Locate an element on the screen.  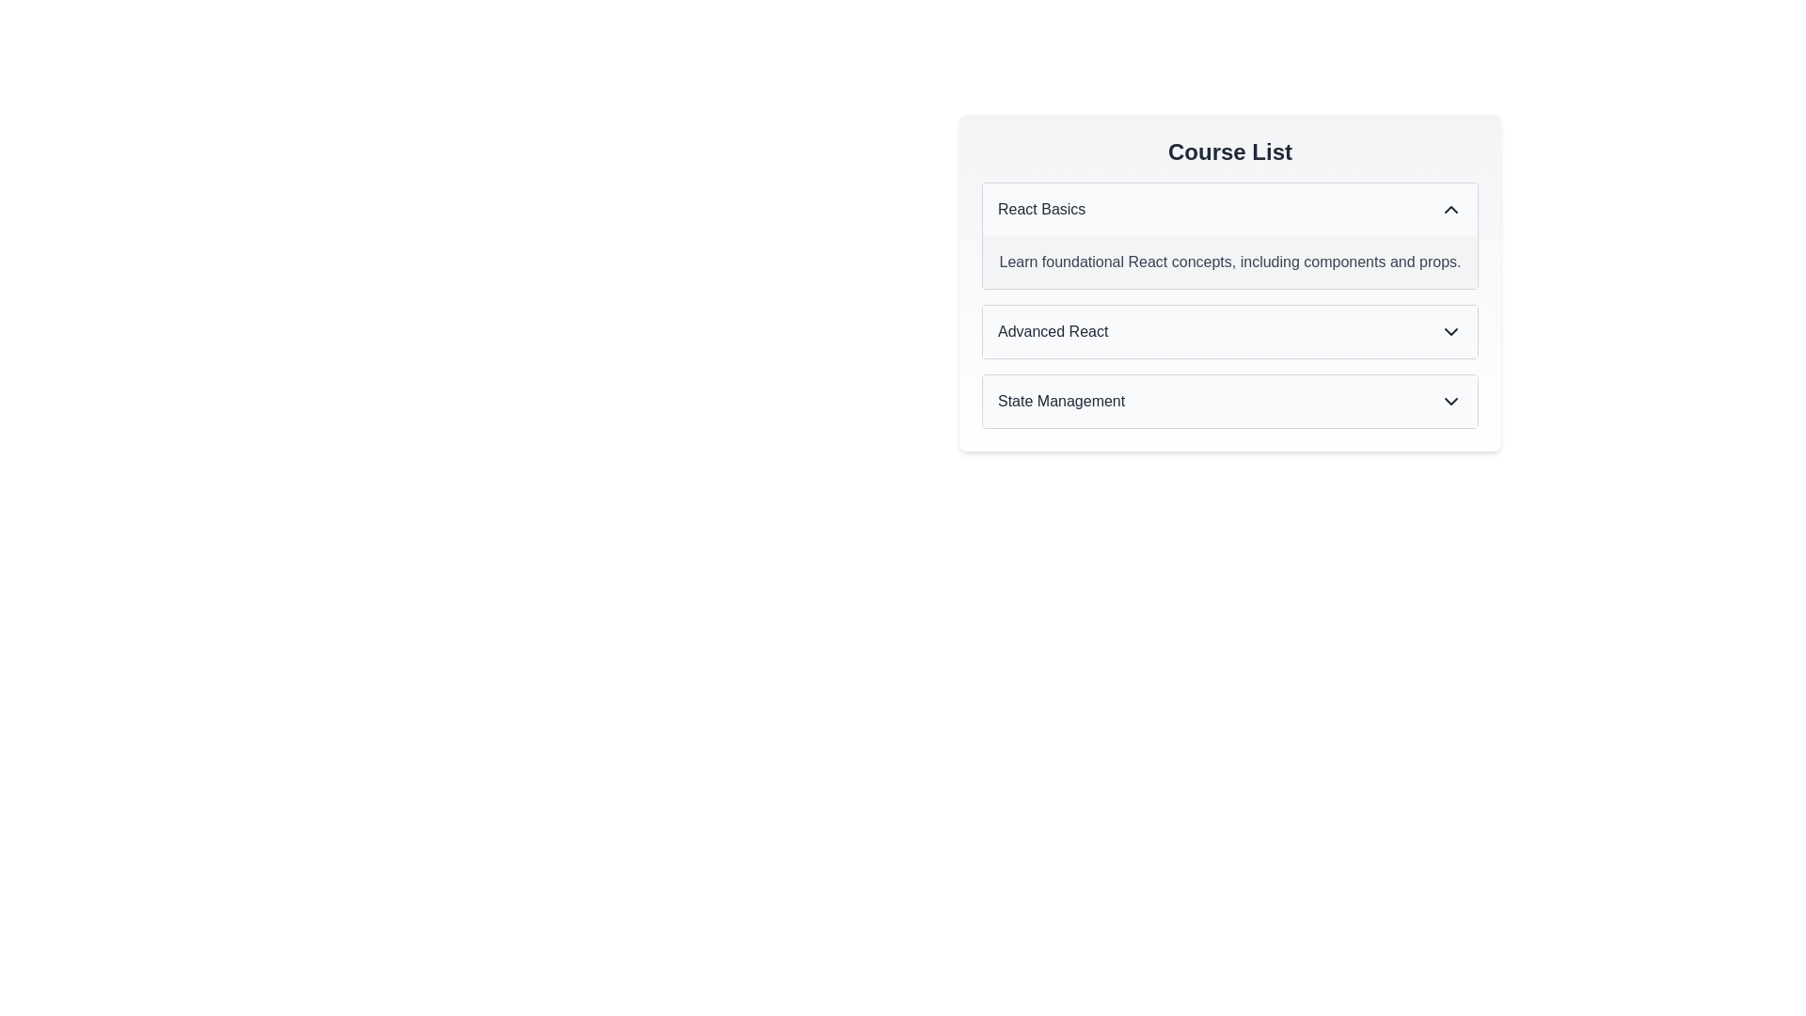
the 'Advanced React' collapsible section header for keyboard navigation is located at coordinates (1230, 331).